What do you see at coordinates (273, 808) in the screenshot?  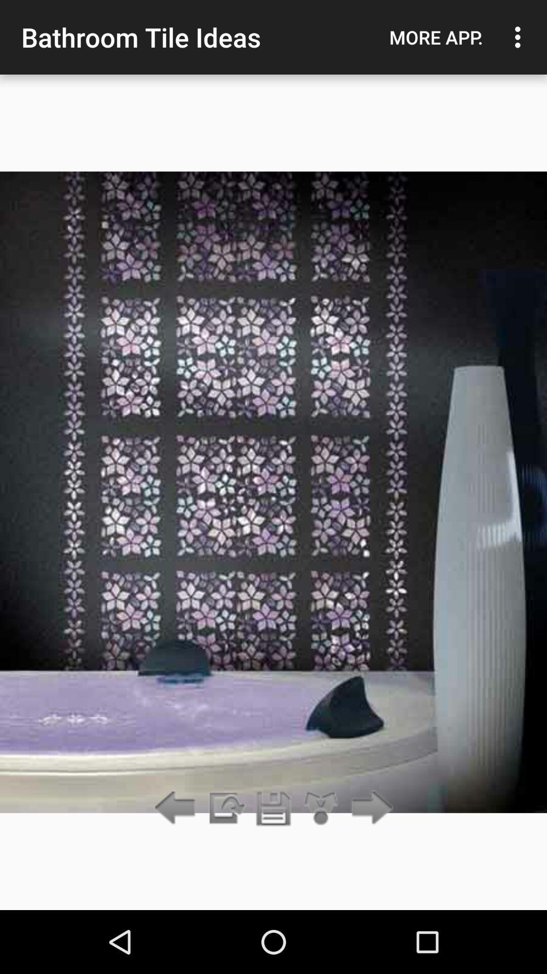 I see `he can activate the simple voice command` at bounding box center [273, 808].